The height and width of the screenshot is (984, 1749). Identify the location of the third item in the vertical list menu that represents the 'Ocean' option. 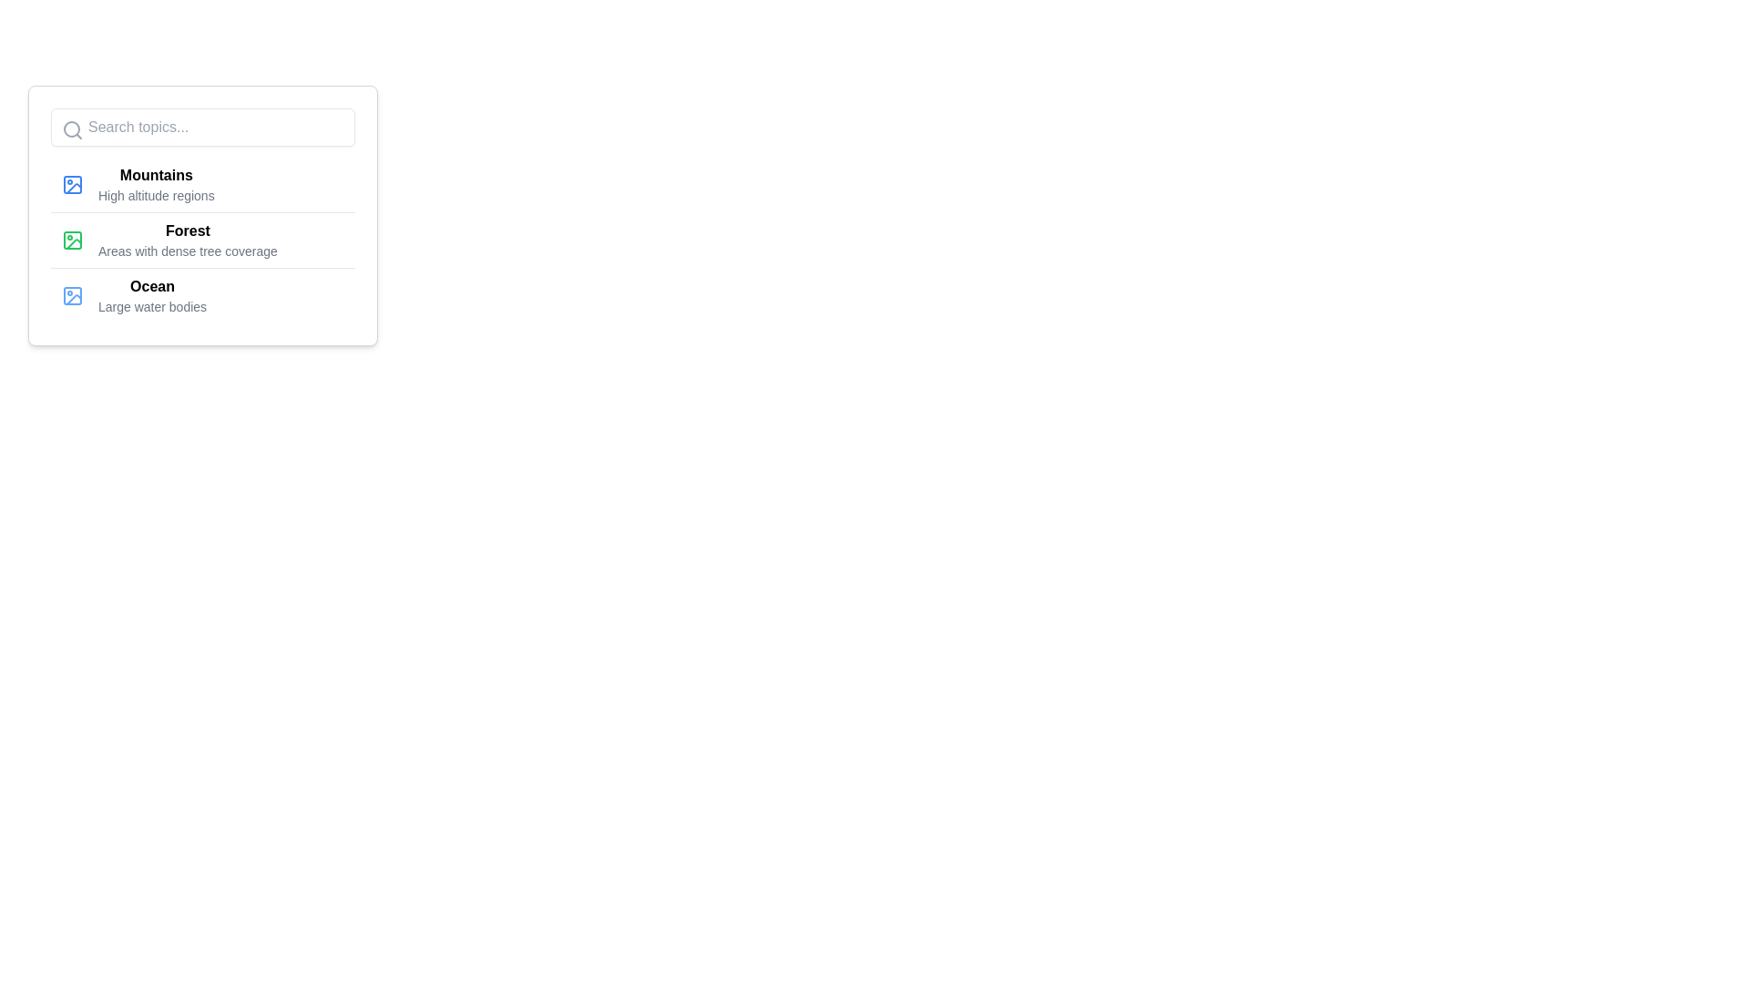
(152, 294).